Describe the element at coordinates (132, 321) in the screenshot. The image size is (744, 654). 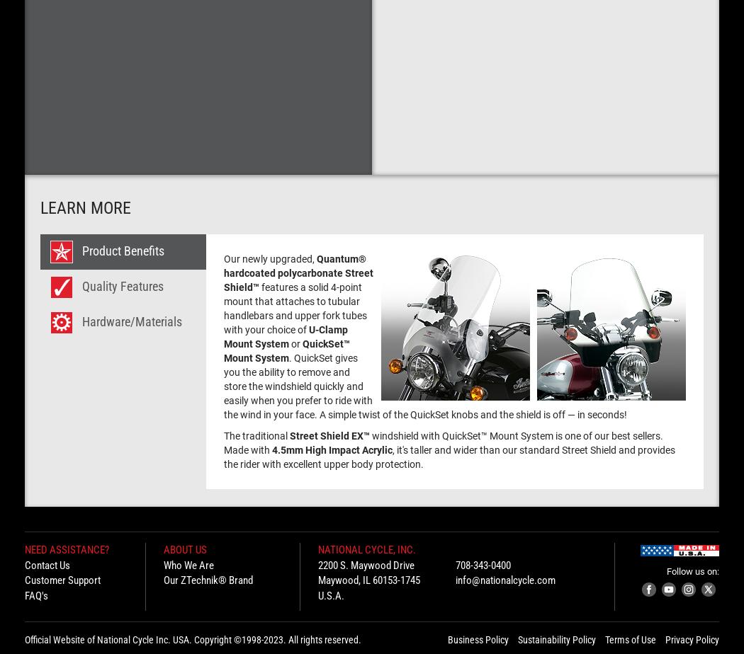
I see `'Hardware/Materials'` at that location.